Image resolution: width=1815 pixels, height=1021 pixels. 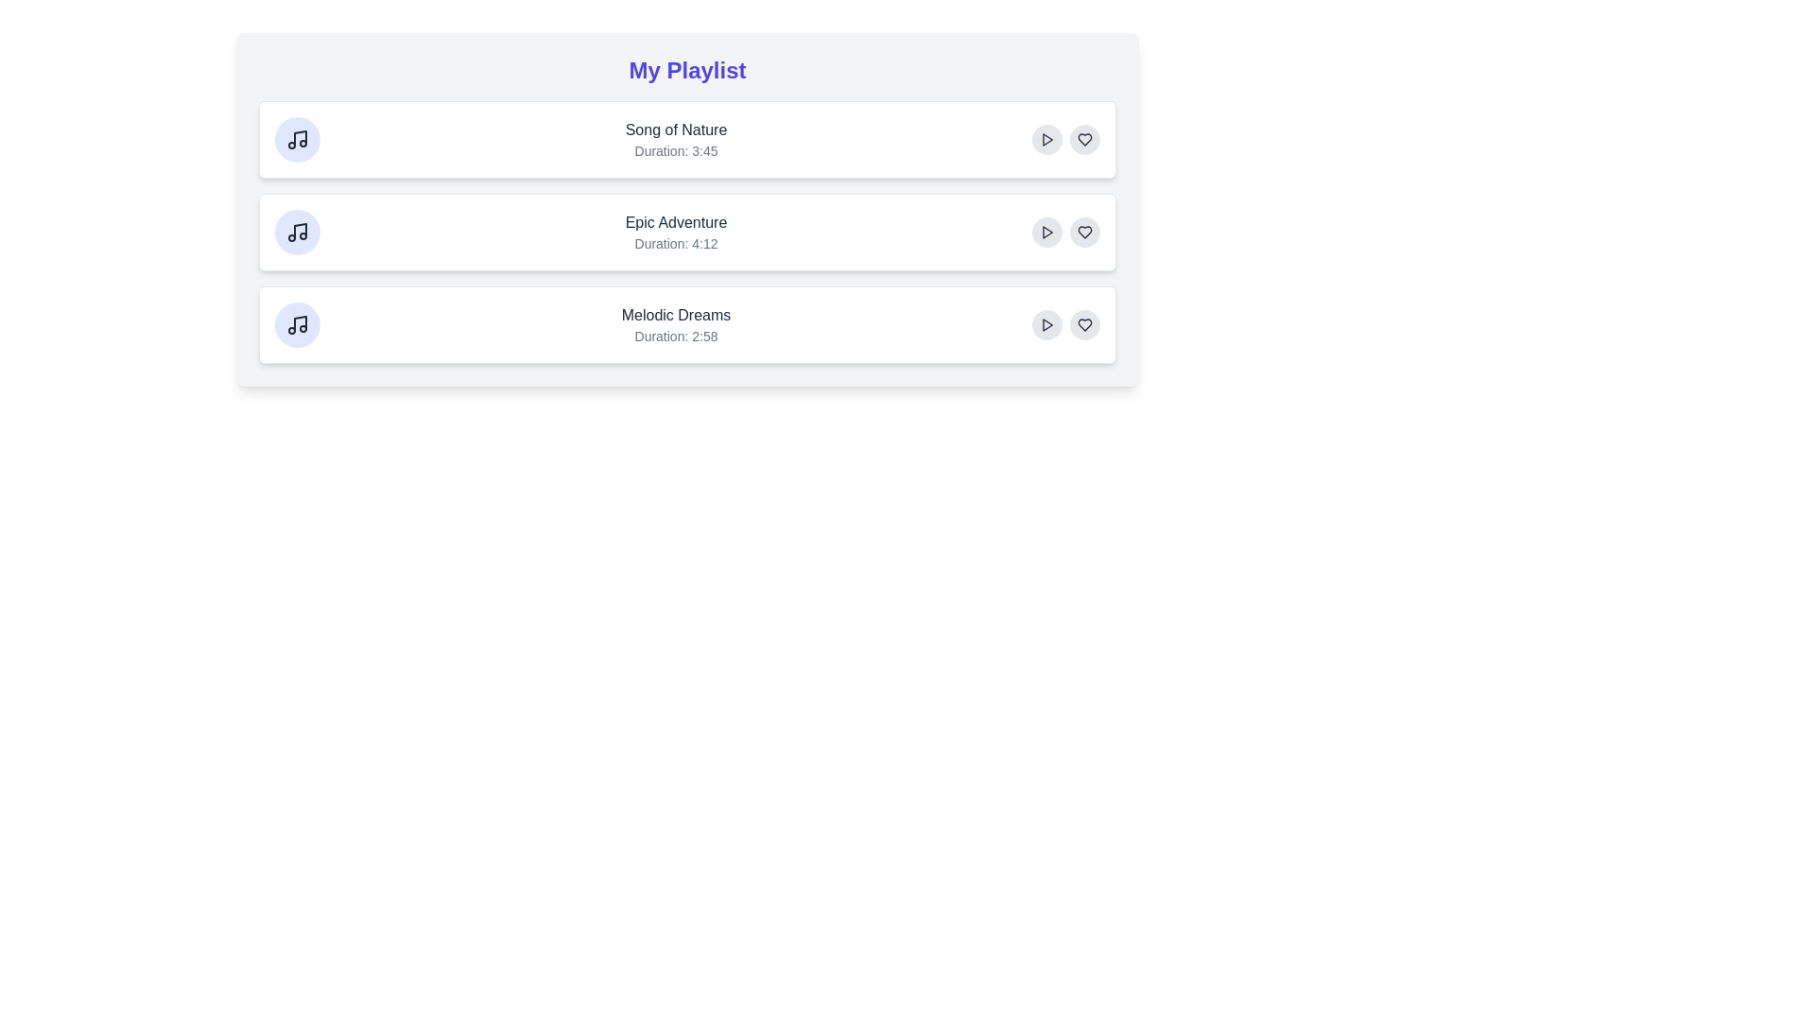 I want to click on the heart button of the Song of Nature track, so click(x=1084, y=138).